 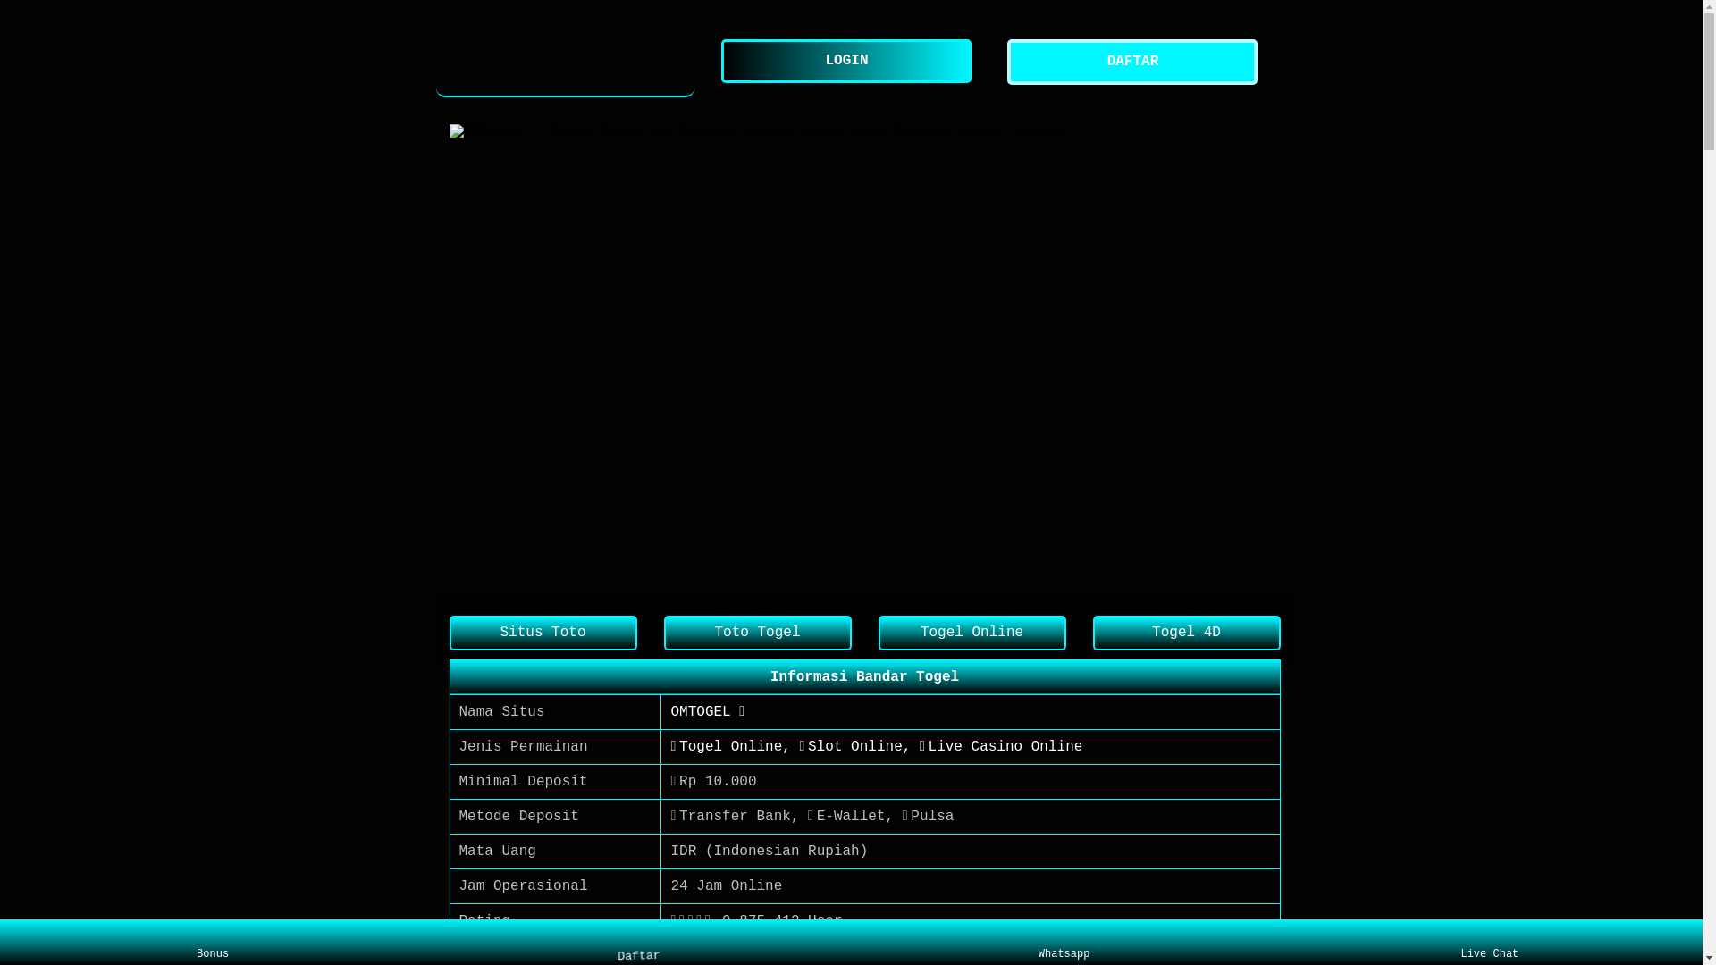 What do you see at coordinates (637, 940) in the screenshot?
I see `'Daftar'` at bounding box center [637, 940].